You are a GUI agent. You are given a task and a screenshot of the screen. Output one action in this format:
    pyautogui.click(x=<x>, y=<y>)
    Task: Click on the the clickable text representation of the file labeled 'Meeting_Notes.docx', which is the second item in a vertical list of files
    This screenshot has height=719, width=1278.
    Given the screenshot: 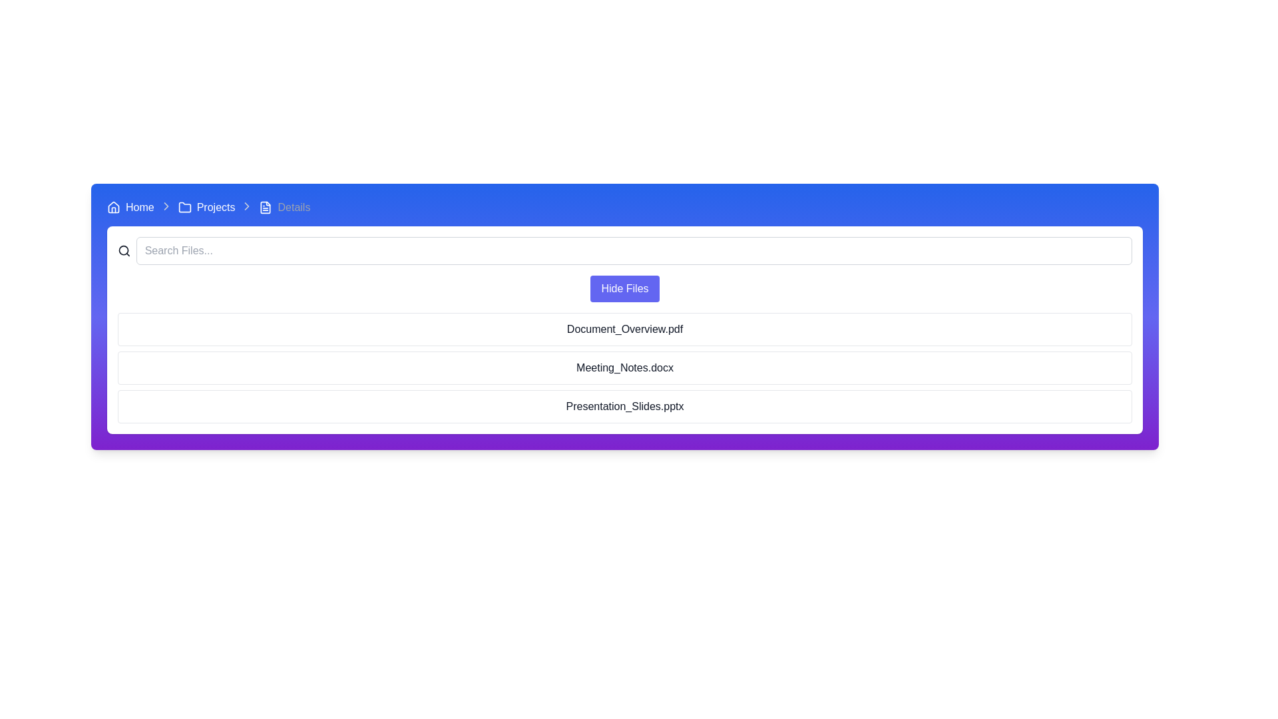 What is the action you would take?
    pyautogui.click(x=624, y=367)
    